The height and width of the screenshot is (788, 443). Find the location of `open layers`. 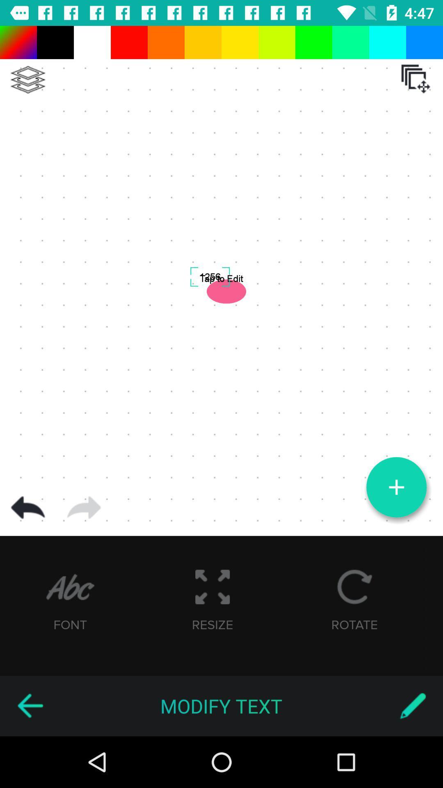

open layers is located at coordinates (416, 79).